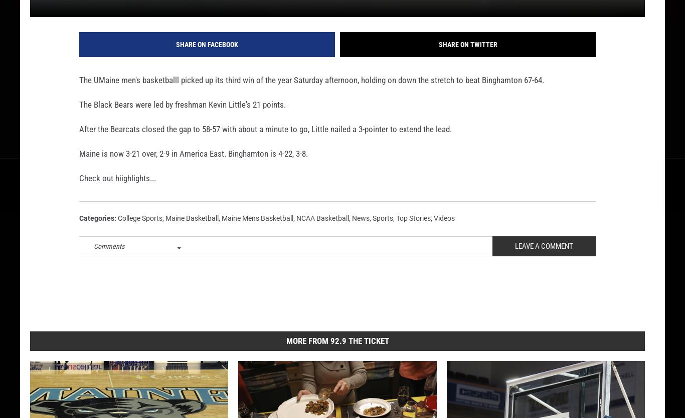  Describe the element at coordinates (126, 4) in the screenshot. I see `'Published: February 7, 2015'` at that location.